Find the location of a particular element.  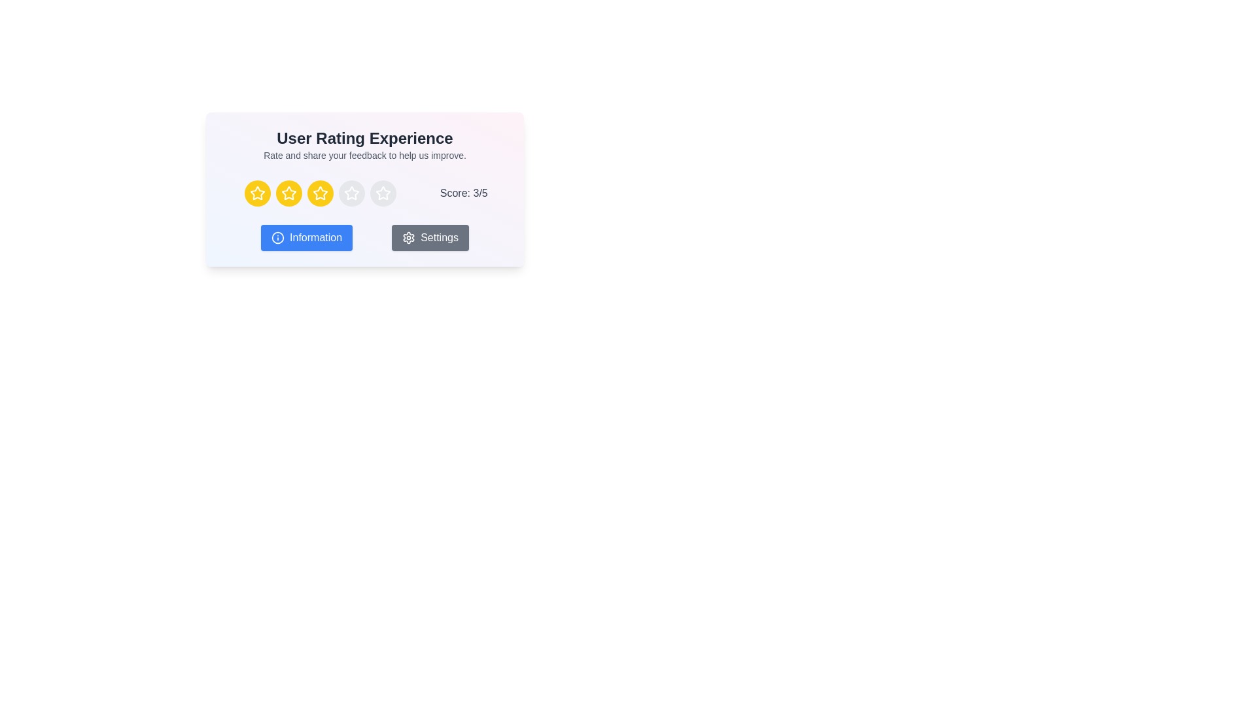

the 'Information' button is located at coordinates (306, 237).